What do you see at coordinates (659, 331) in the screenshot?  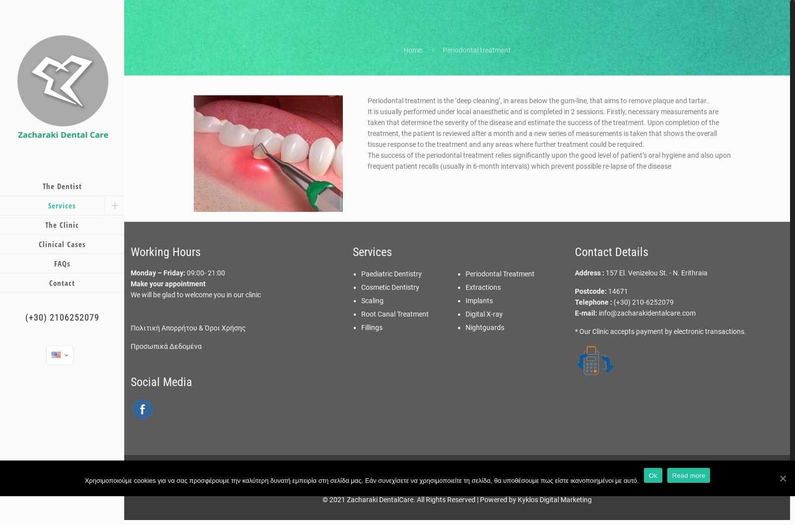 I see `'* Our Clinic accepts payment by electronic transactions.'` at bounding box center [659, 331].